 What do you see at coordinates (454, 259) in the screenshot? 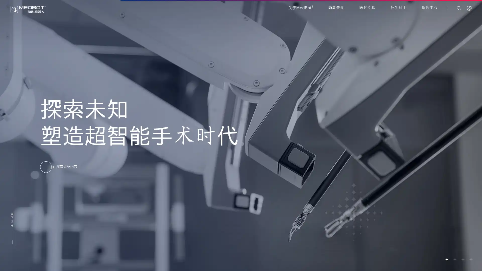
I see `Go to slide 2` at bounding box center [454, 259].